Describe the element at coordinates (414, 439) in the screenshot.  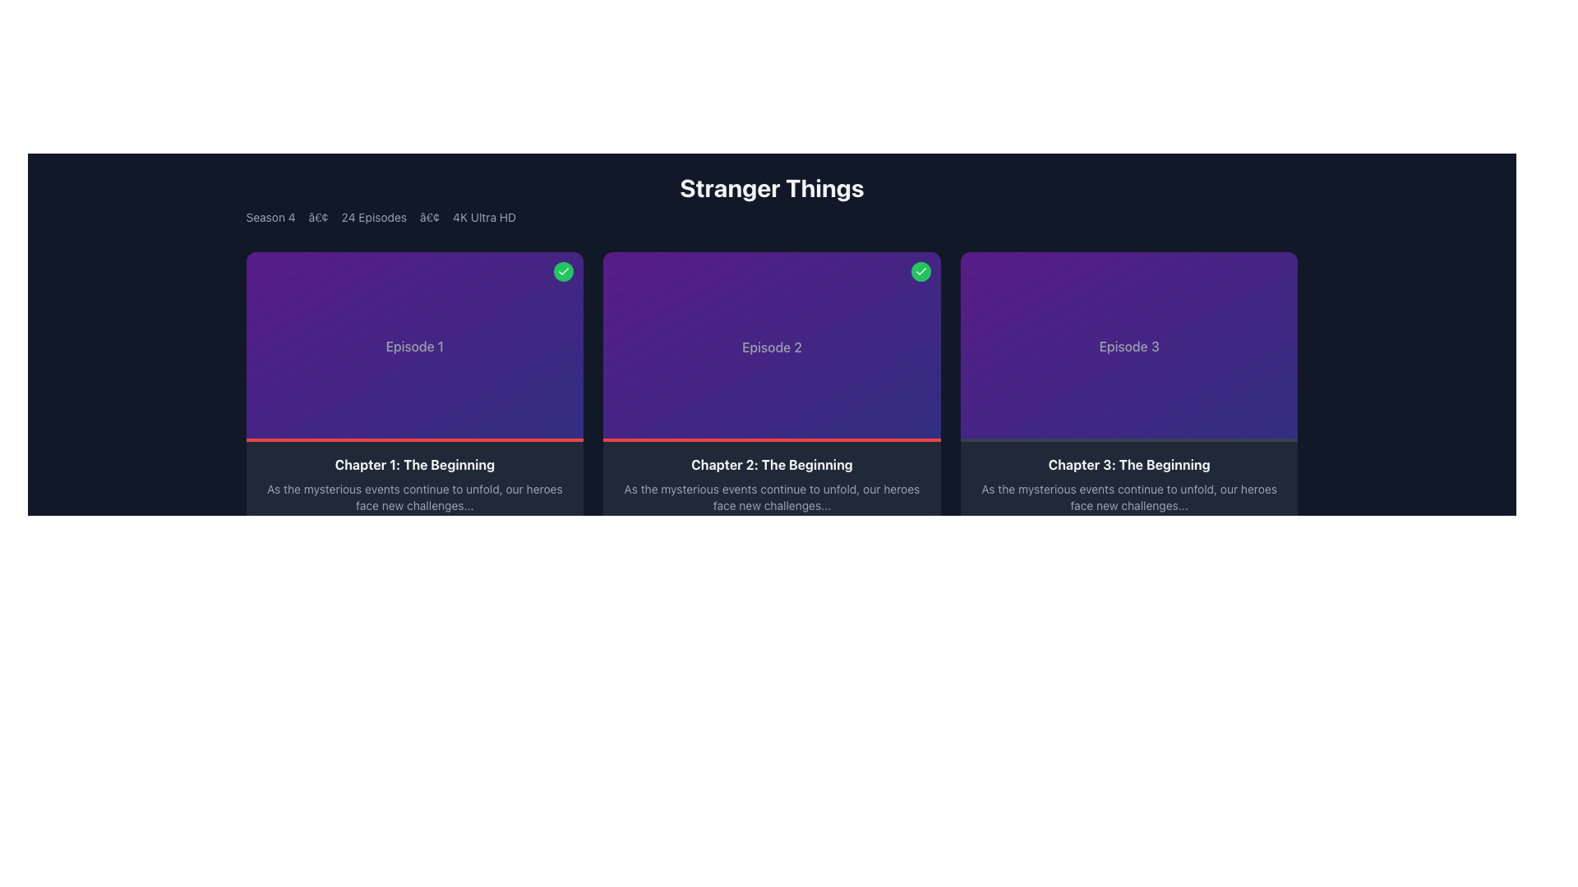
I see `the progress bar located at the bottom of the 'Episode 1' card, which visually represents the progress or completion of an action` at that location.